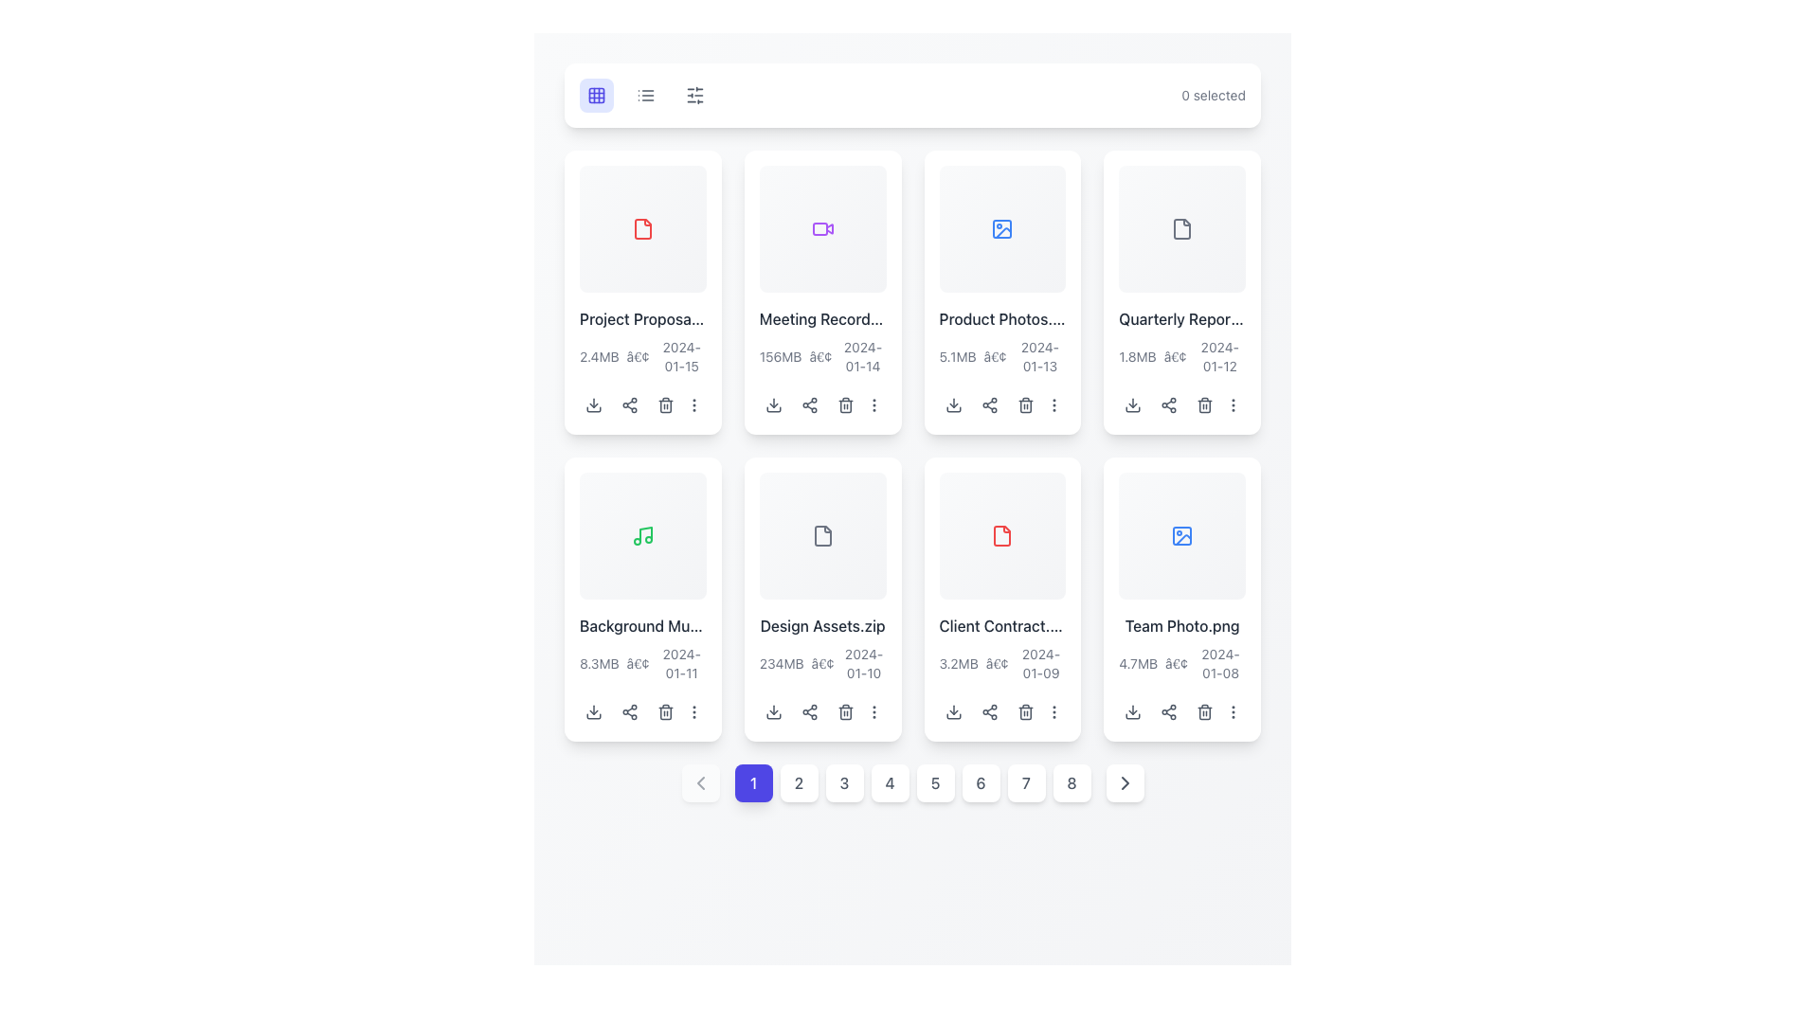 This screenshot has height=1023, width=1819. I want to click on the static text label displaying the creation or modification date located in the third tile of the top row, below 'Product Photos' and adjacent to '5.1MB', so click(1038, 356).